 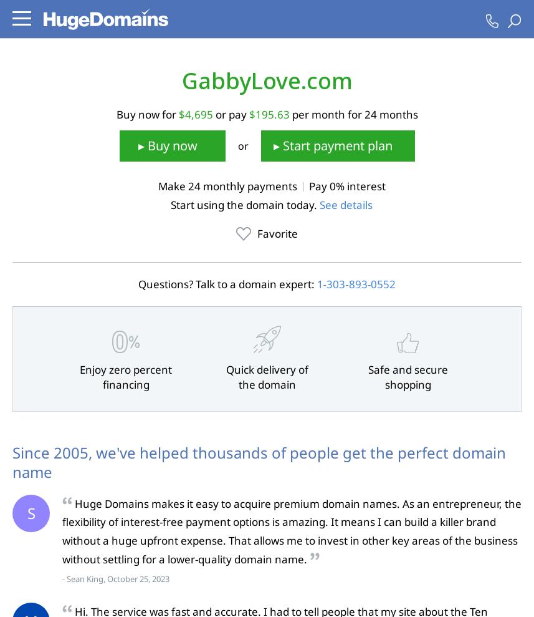 What do you see at coordinates (229, 114) in the screenshot?
I see `'or pay'` at bounding box center [229, 114].